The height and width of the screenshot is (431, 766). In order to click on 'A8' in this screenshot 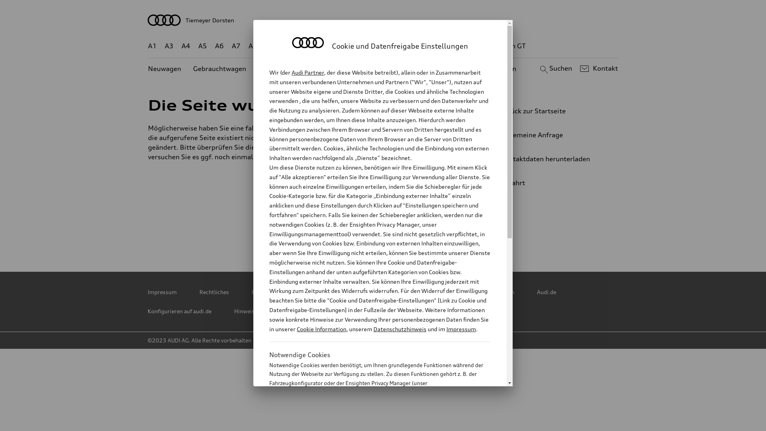, I will do `click(252, 46)`.